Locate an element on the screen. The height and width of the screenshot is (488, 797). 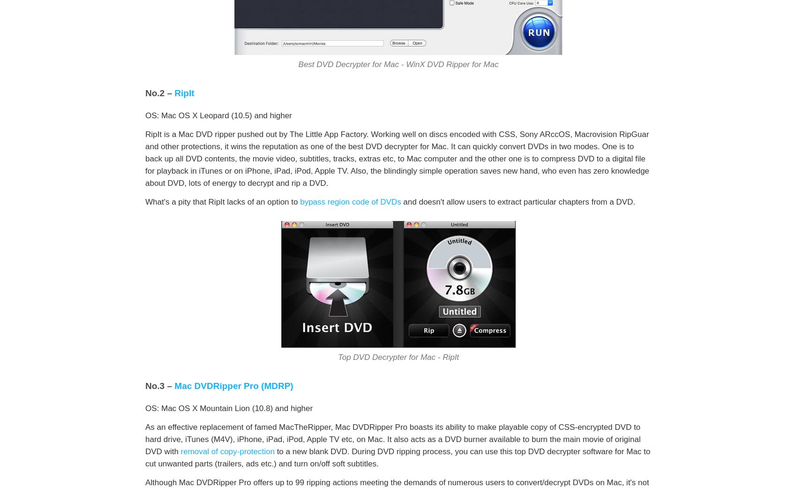
'RipIt is a Mac DVD ripper pushed out by The Little App Factory. Working well on discs encoded with CSS, Sony ARccOS, Macrovision RipGuar and other protections, it wins the reputation as one of the best DVD decrypter for Mac. It can quickly convert DVDs in two modes. One is to back up all DVD contents, the movie video, subtitles, tracks, extras etc, to Mac computer and the other one is to compress DVD to a digital file for playback in iTunes or on iPhone, iPad, iPod, Apple TV. Also, the blindingly simple operation saves new hand, who even has zero knowledge about DVD, lots of energy to decrypt and rip a DVD.' is located at coordinates (145, 158).